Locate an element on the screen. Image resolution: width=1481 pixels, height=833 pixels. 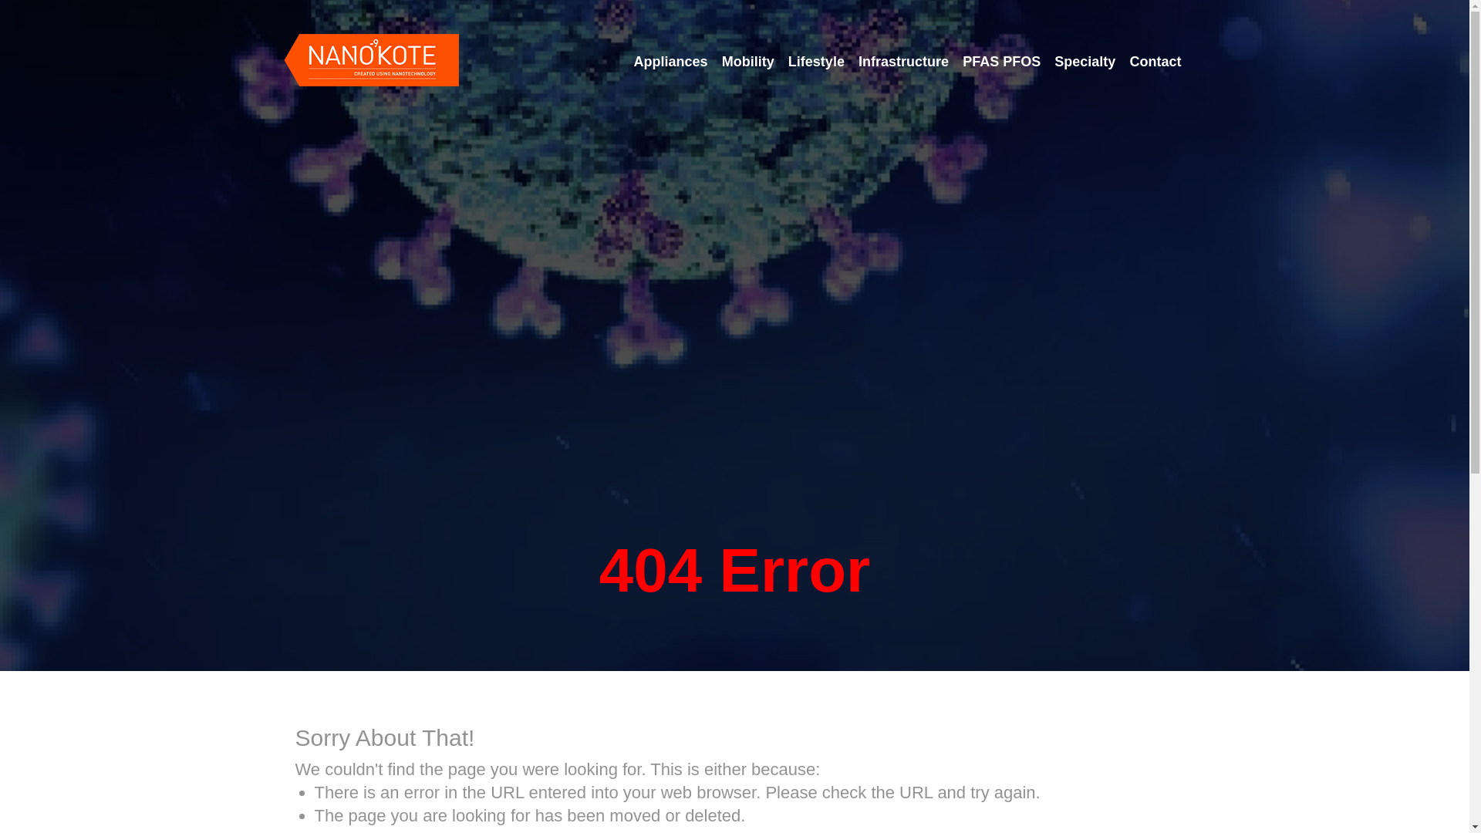
'Contact' is located at coordinates (1155, 61).